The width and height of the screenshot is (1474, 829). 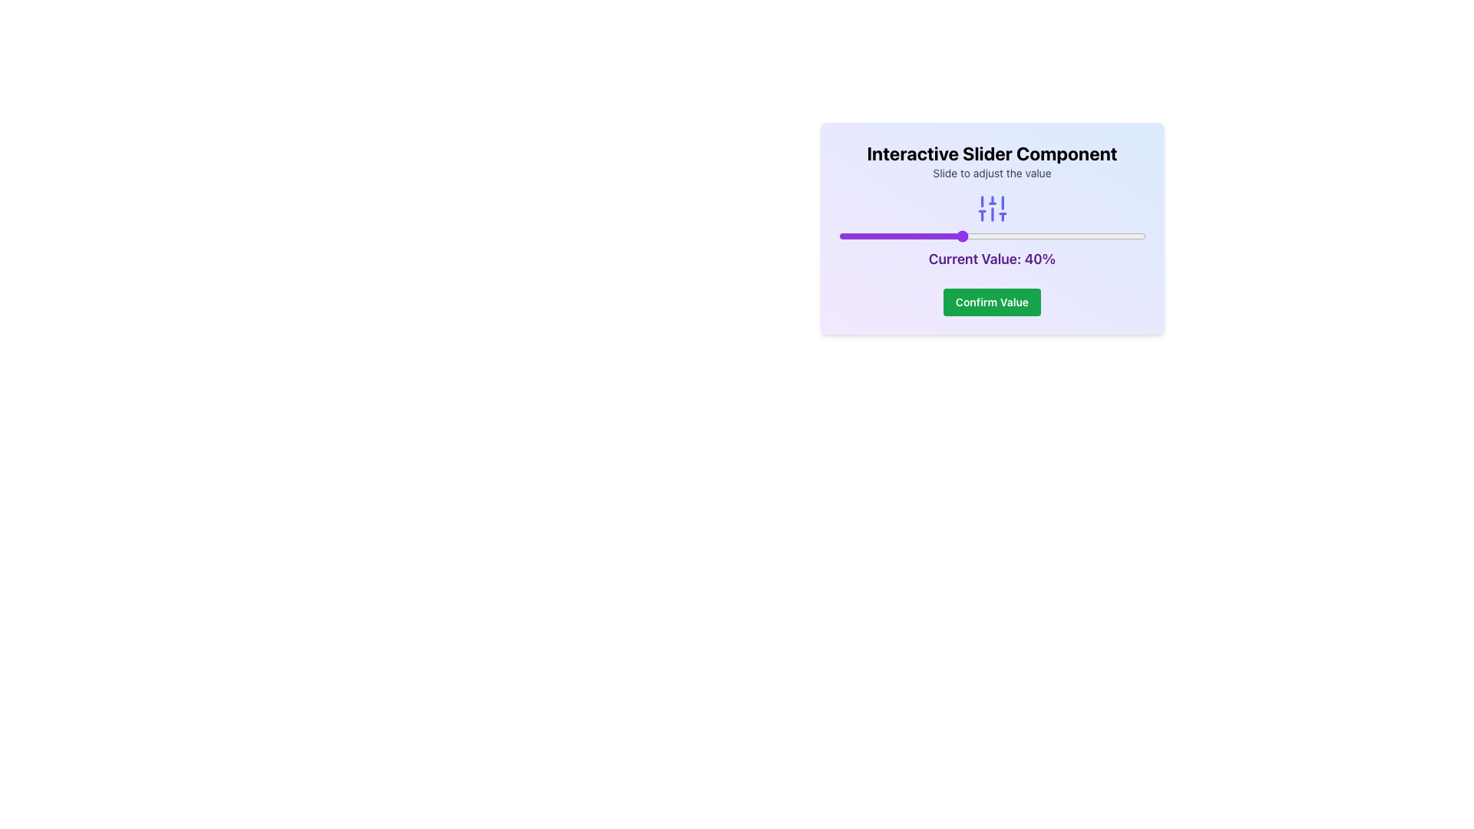 What do you see at coordinates (1065, 236) in the screenshot?
I see `the slider value` at bounding box center [1065, 236].